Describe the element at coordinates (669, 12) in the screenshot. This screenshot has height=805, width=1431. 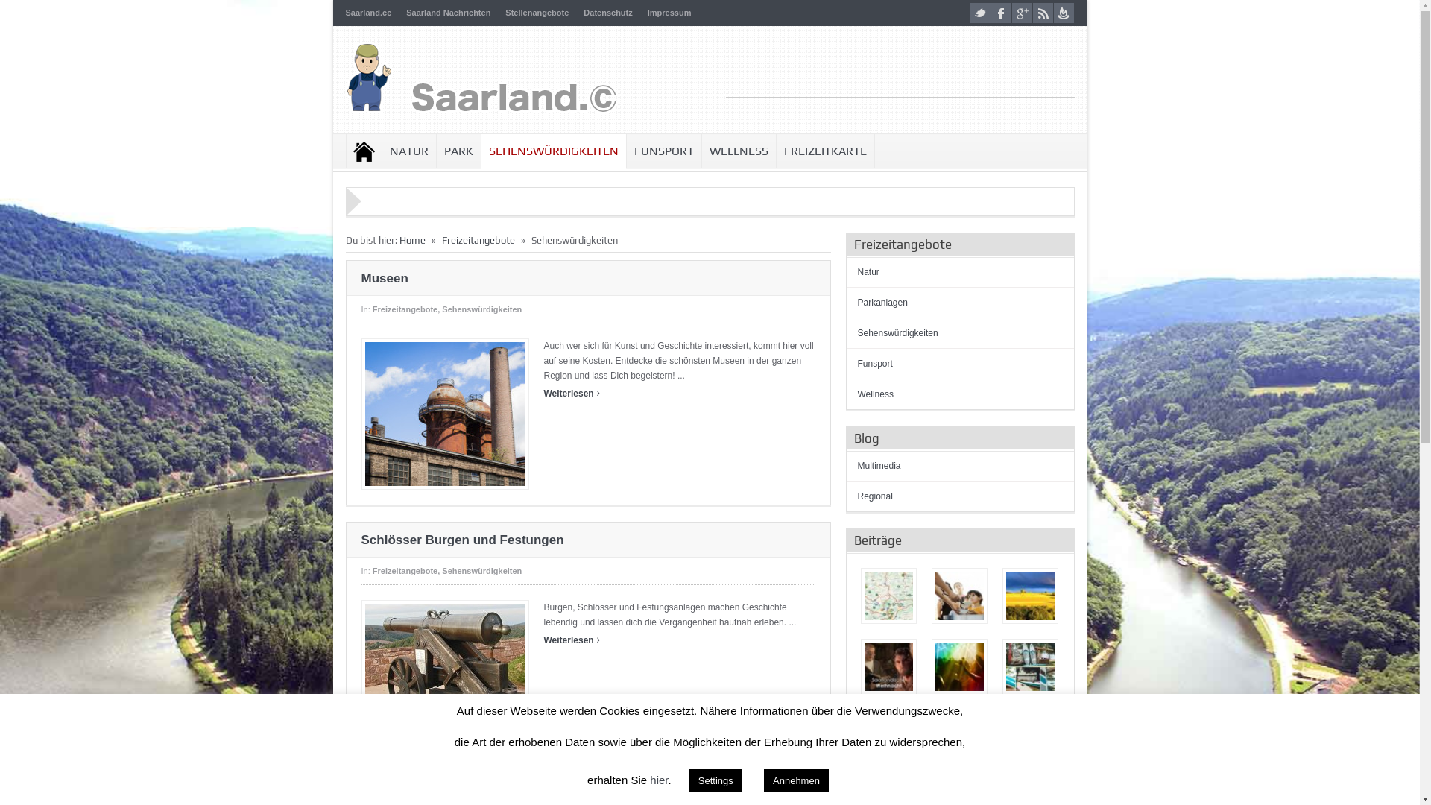
I see `'Impressum'` at that location.